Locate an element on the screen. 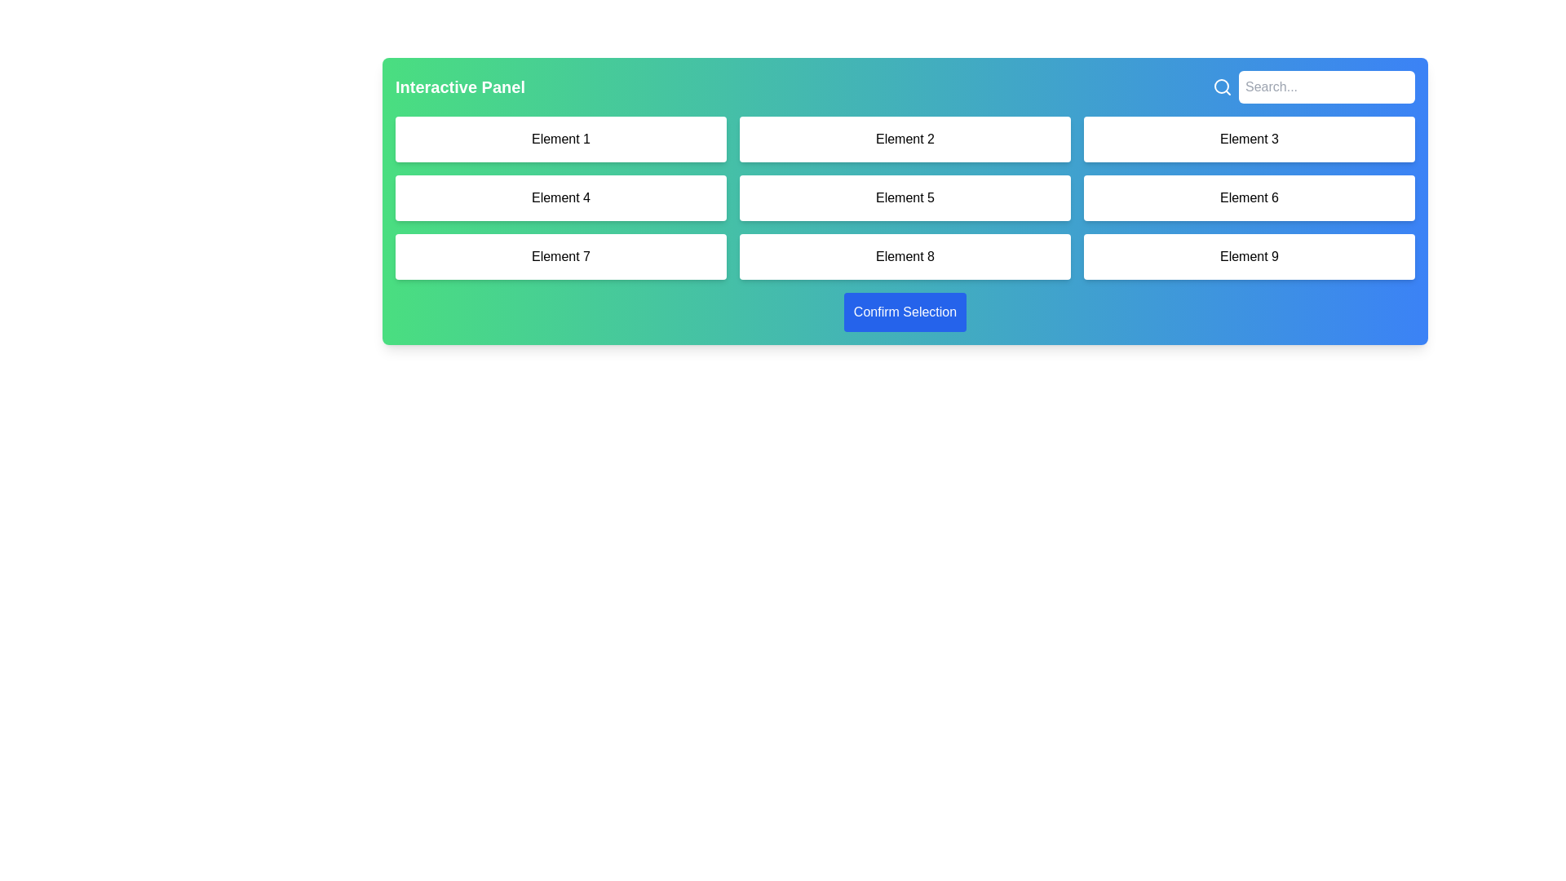 The width and height of the screenshot is (1566, 881). the interactive button located in the bottom row, middle column of a 3x3 grid layout is located at coordinates (904, 257).